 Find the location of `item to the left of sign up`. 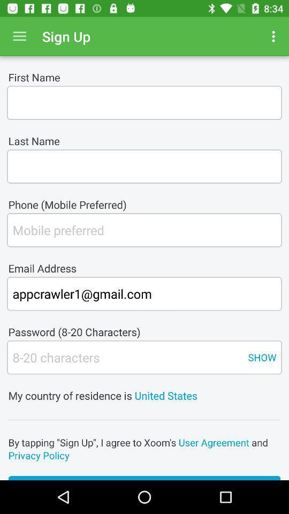

item to the left of sign up is located at coordinates (19, 36).